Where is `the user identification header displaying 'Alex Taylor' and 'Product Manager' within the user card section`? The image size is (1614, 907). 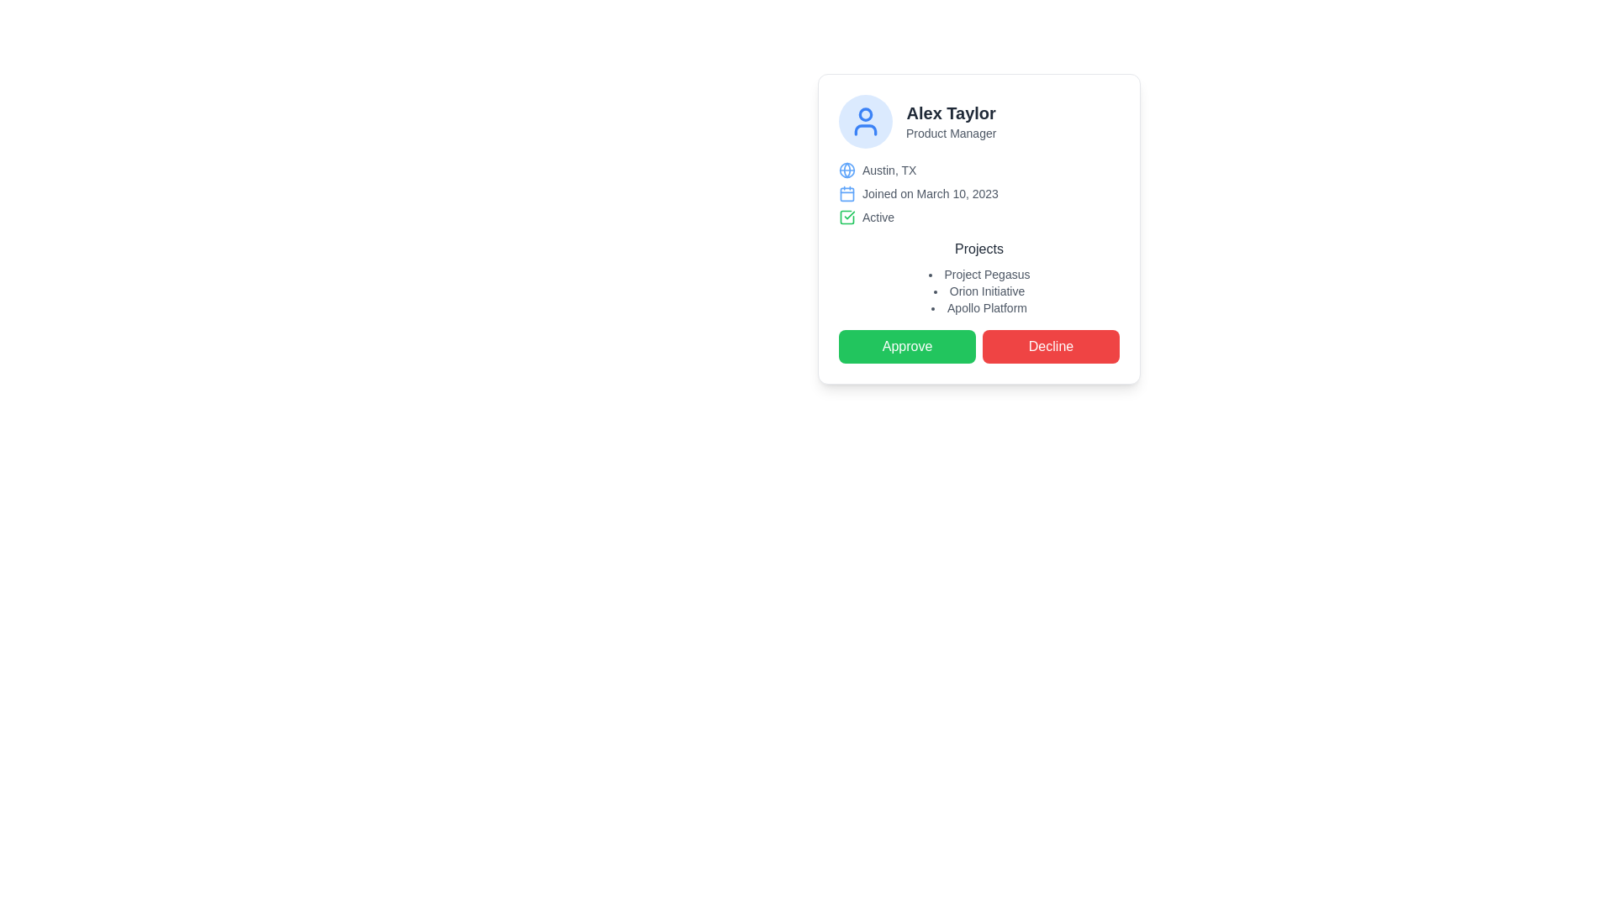
the user identification header displaying 'Alex Taylor' and 'Product Manager' within the user card section is located at coordinates (951, 121).